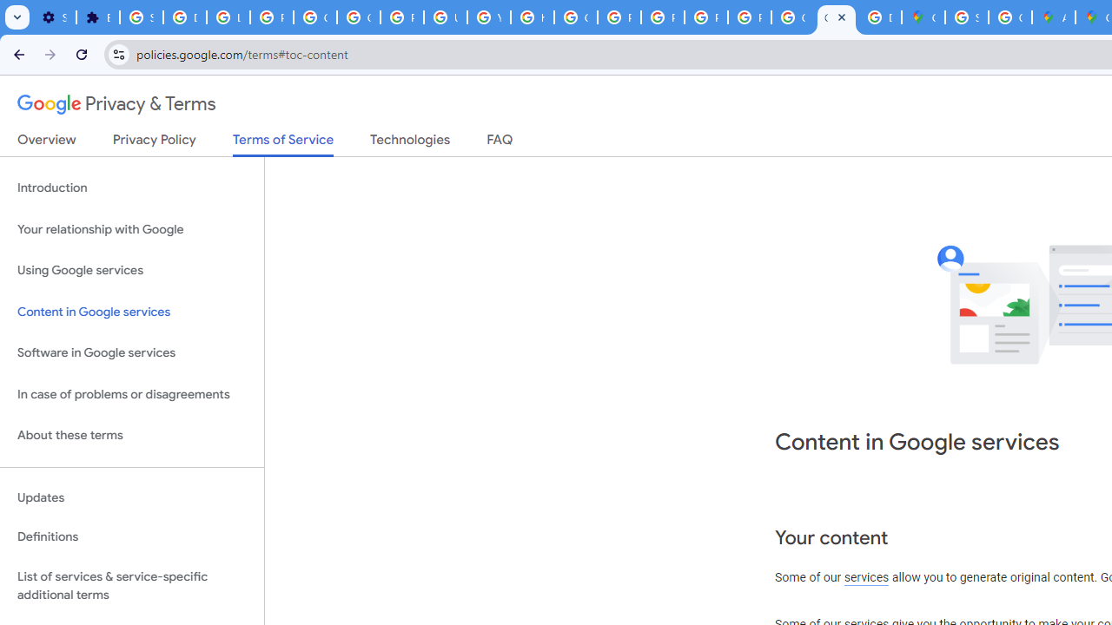 The width and height of the screenshot is (1112, 625). Describe the element at coordinates (1009, 17) in the screenshot. I see `'Create your Google Account'` at that location.